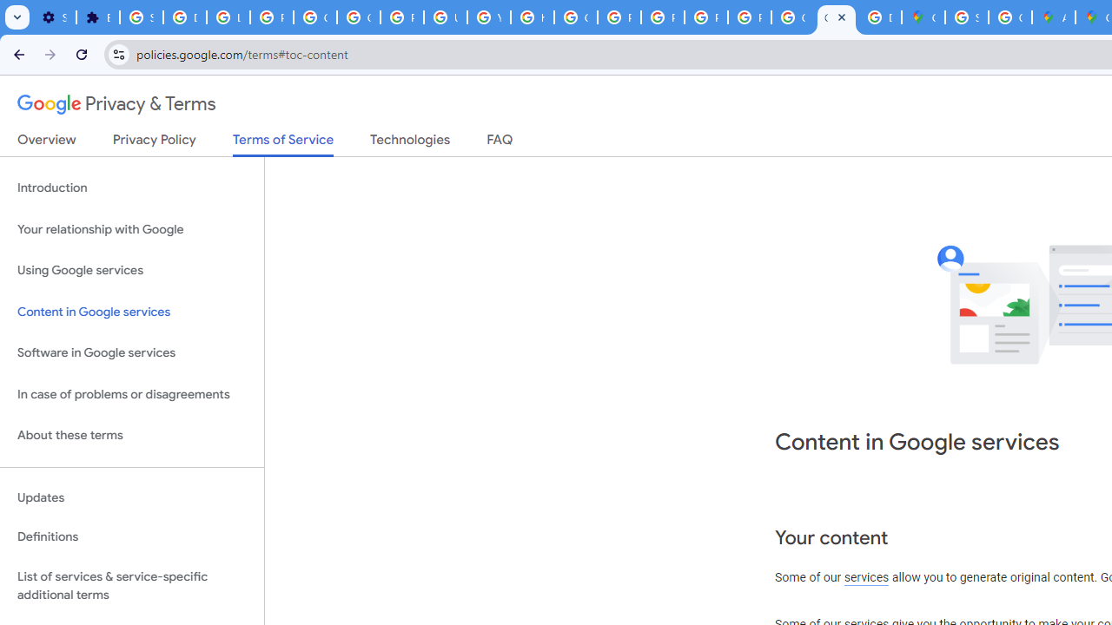 The width and height of the screenshot is (1112, 625). Describe the element at coordinates (1009, 17) in the screenshot. I see `'Create your Google Account'` at that location.